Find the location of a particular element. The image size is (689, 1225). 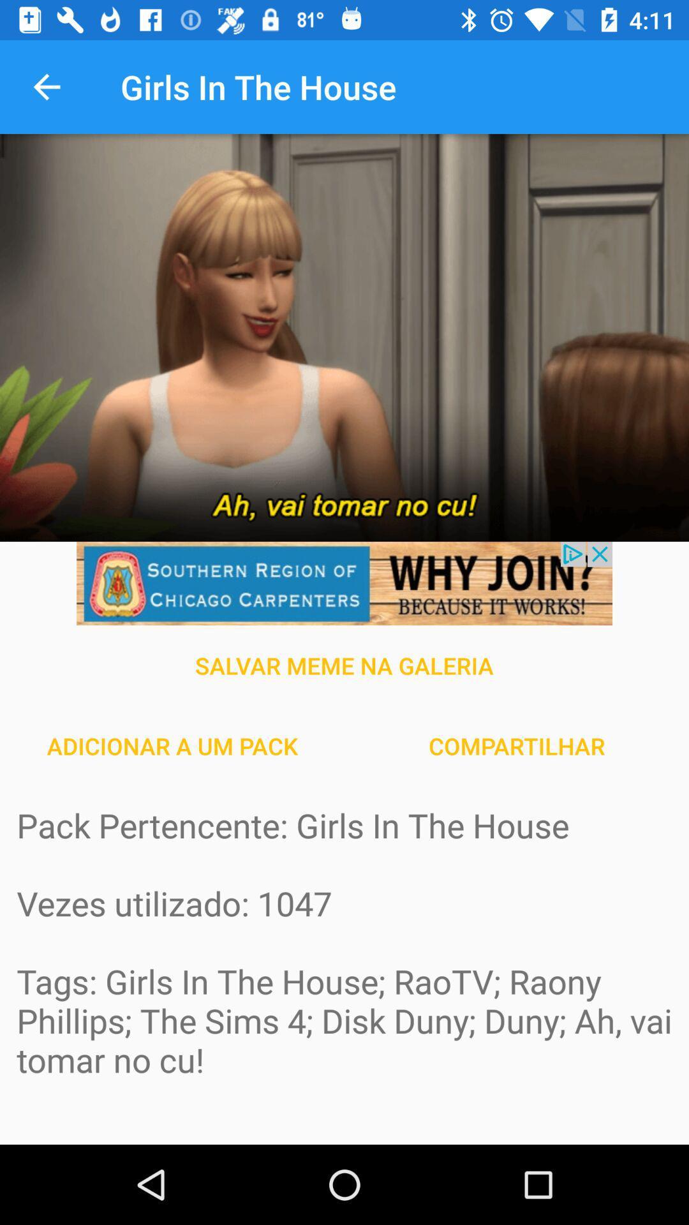

the advertisement is located at coordinates (344, 583).